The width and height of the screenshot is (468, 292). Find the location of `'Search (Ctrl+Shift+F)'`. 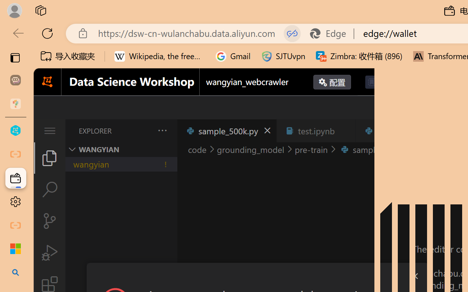

'Search (Ctrl+Shift+F)' is located at coordinates (49, 189).